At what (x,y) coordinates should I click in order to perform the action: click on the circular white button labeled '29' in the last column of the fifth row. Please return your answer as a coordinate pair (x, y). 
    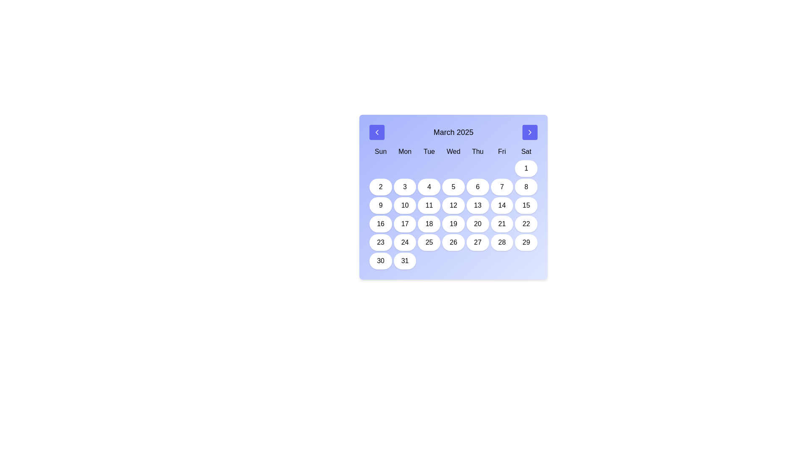
    Looking at the image, I should click on (526, 243).